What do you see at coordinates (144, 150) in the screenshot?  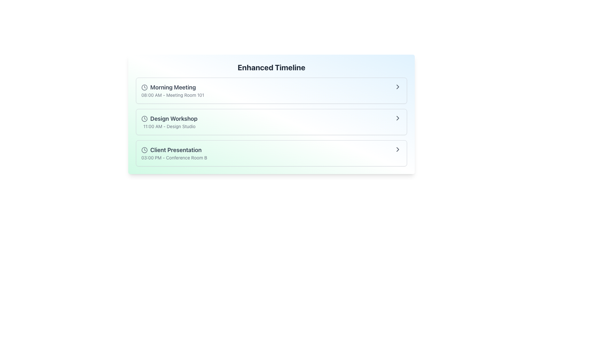 I see `the circular clock icon with a grey border located to the left of the 'Client Presentation' entry in the timeline list` at bounding box center [144, 150].